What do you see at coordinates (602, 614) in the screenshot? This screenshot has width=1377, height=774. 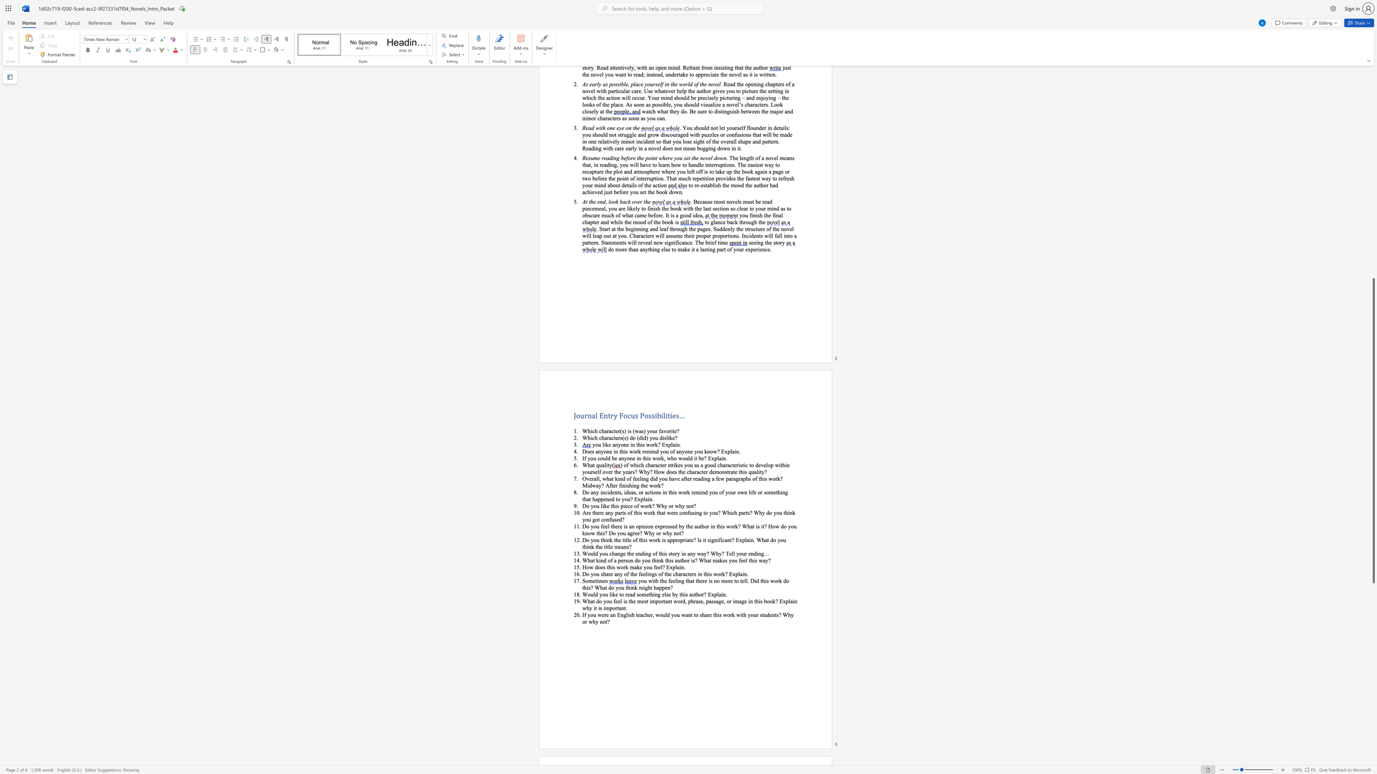 I see `the 1th character "e" in the text` at bounding box center [602, 614].